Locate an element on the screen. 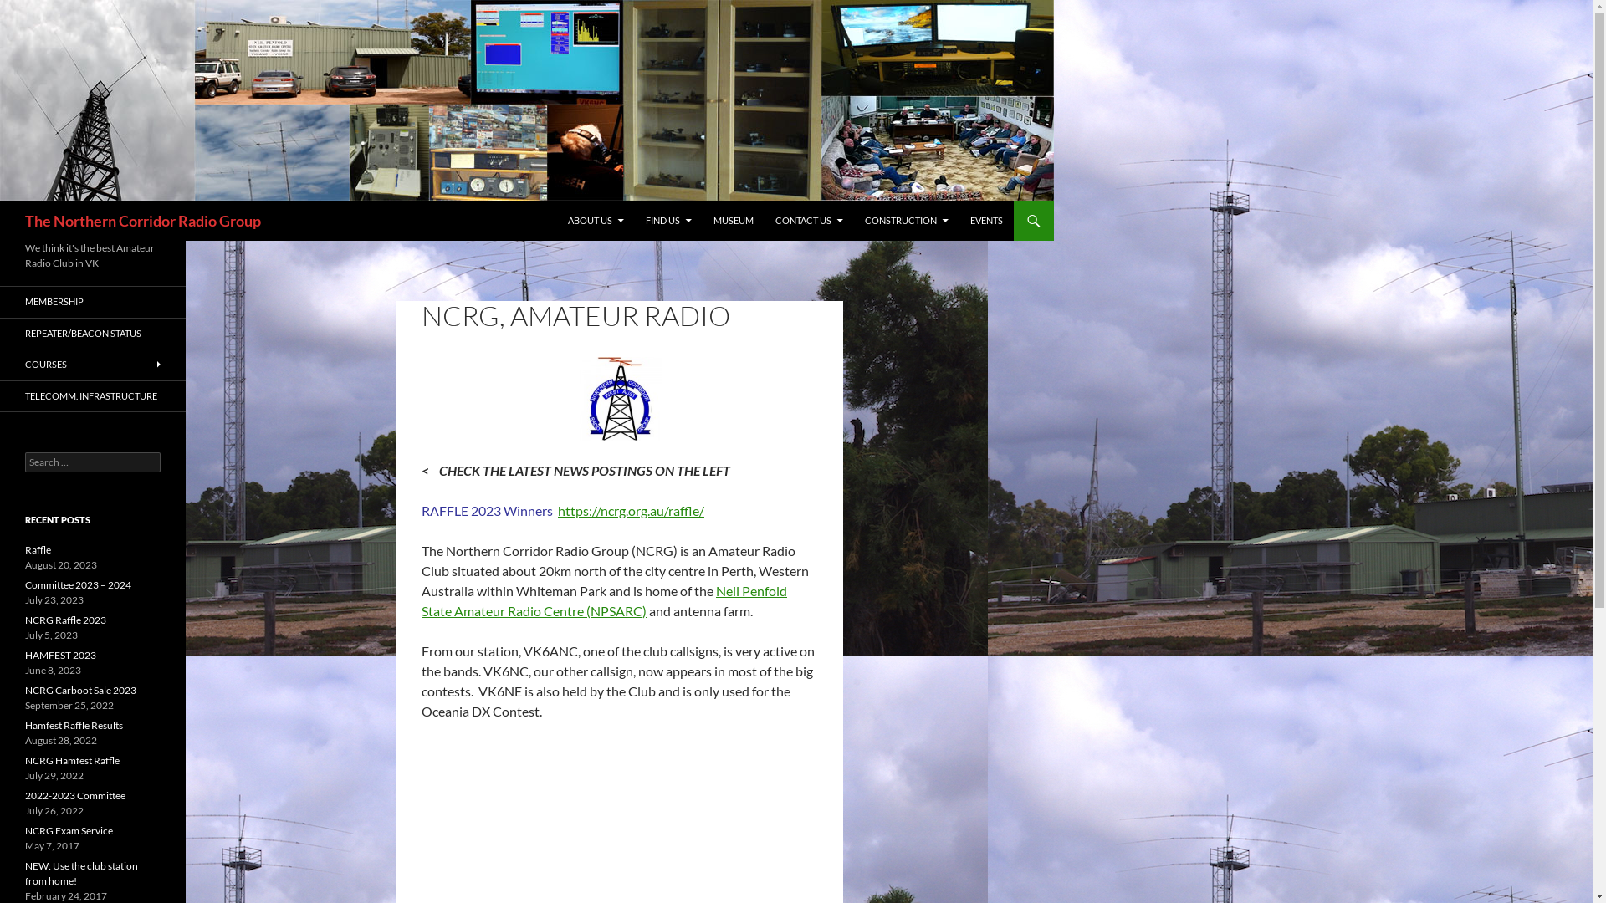 This screenshot has height=903, width=1606. 'The Northern Corridor Radio Group' is located at coordinates (143, 219).